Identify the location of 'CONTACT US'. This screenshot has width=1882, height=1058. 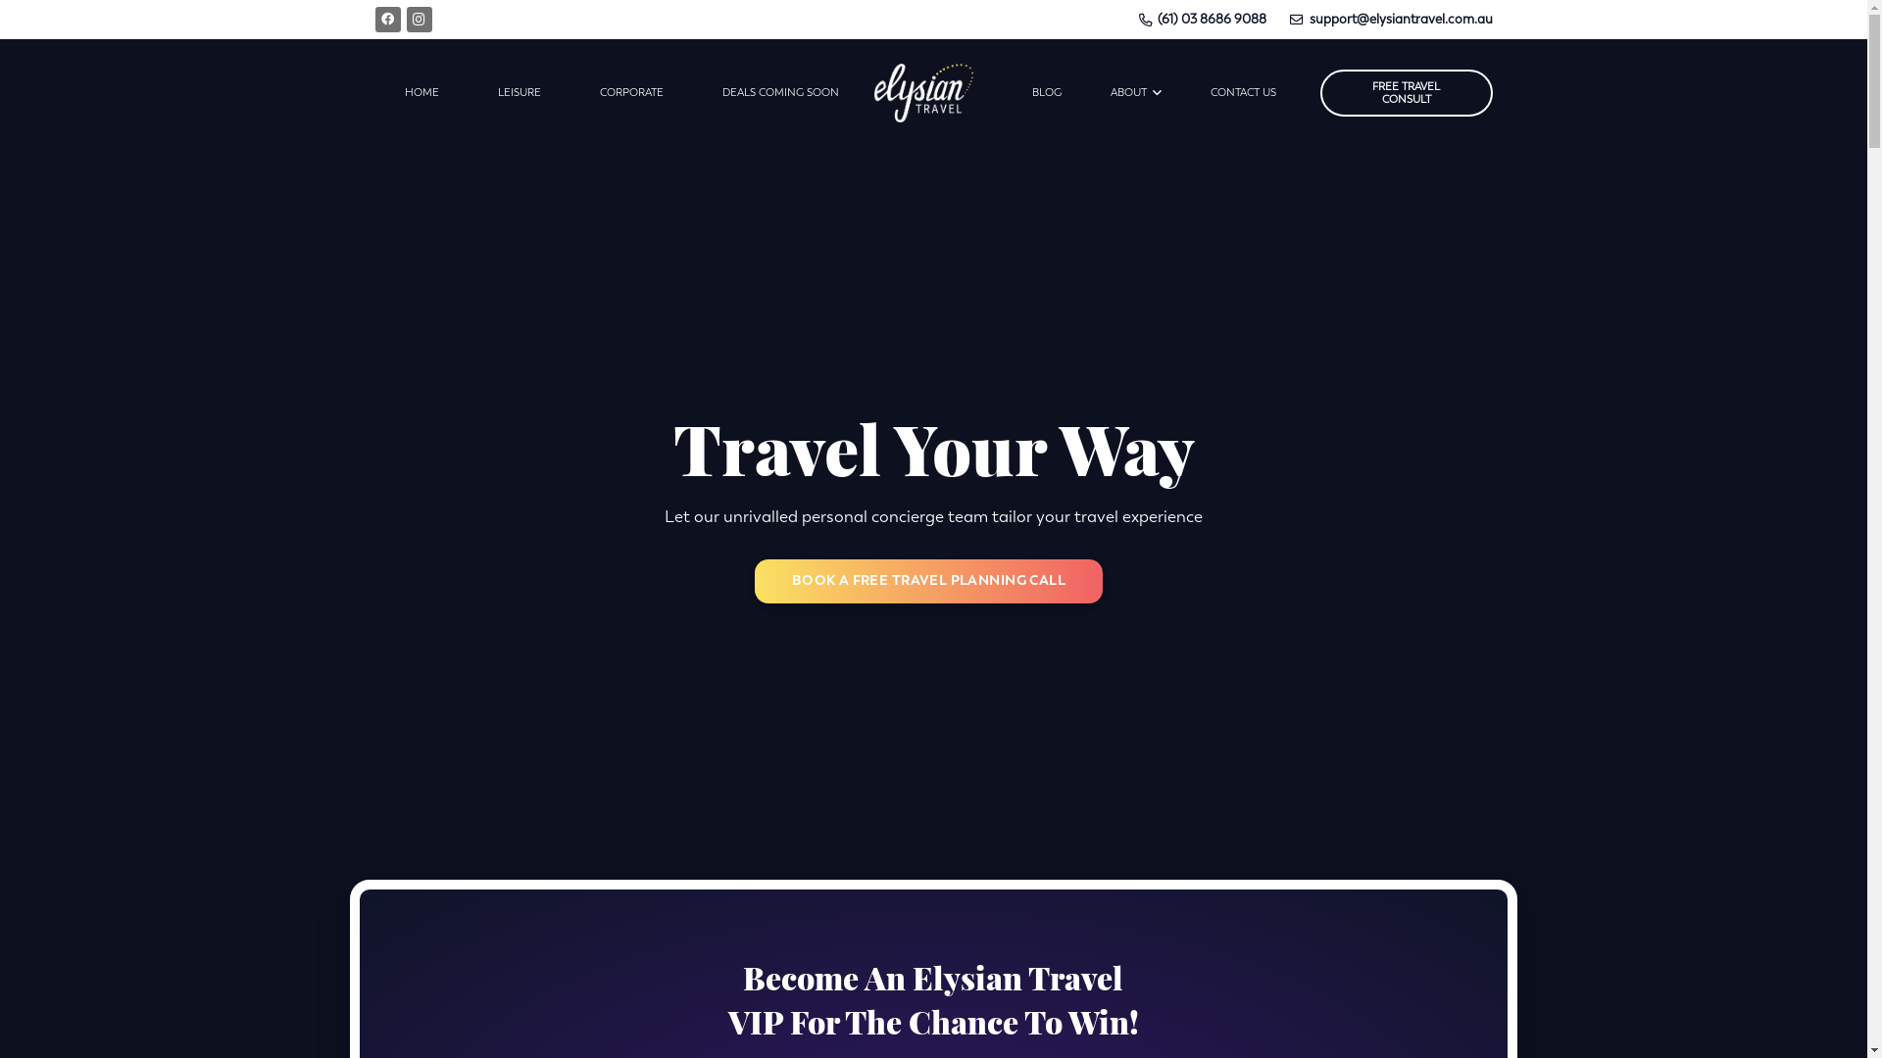
(1242, 93).